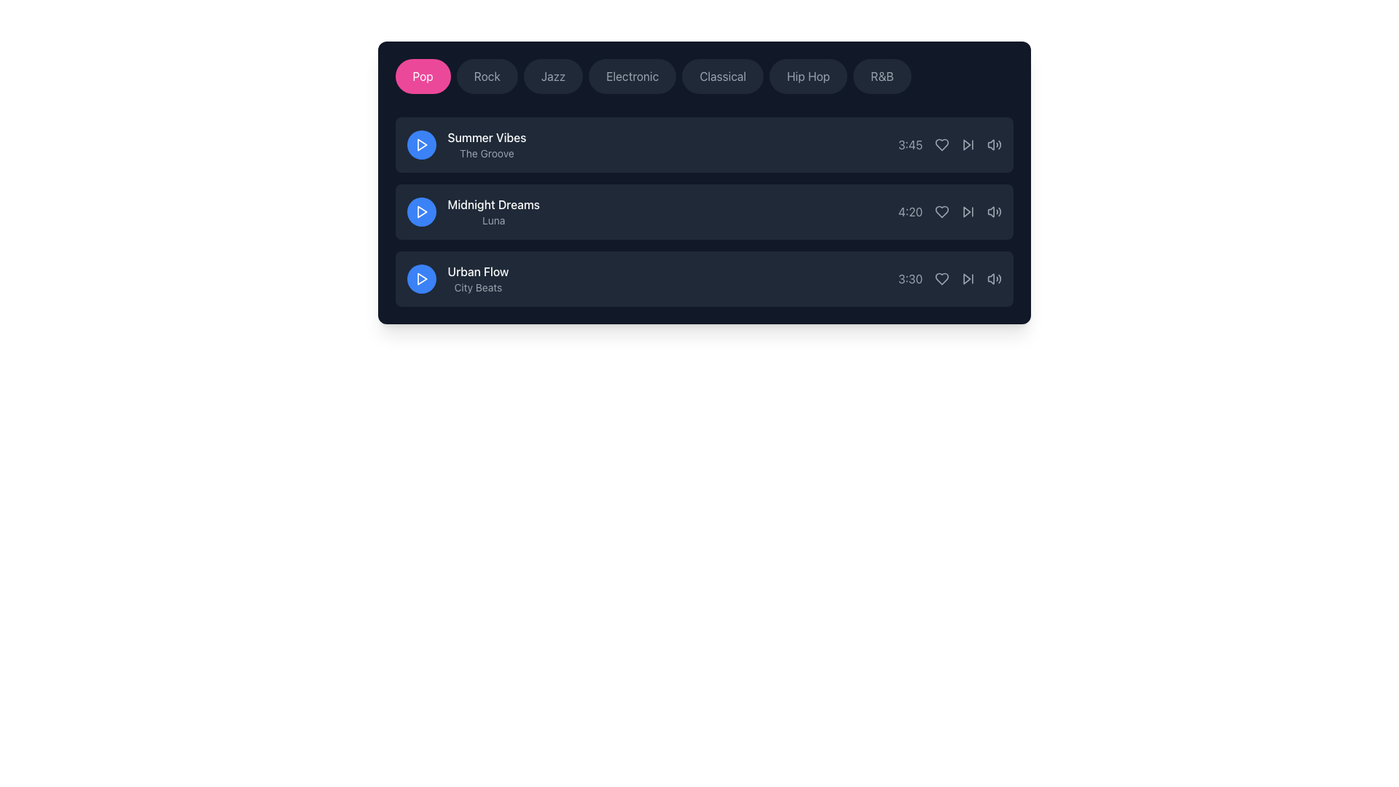 This screenshot has height=787, width=1399. Describe the element at coordinates (632, 76) in the screenshot. I see `the 'Electronic' button, which is the fourth button in a row of genre buttons at the top center of the interface` at that location.